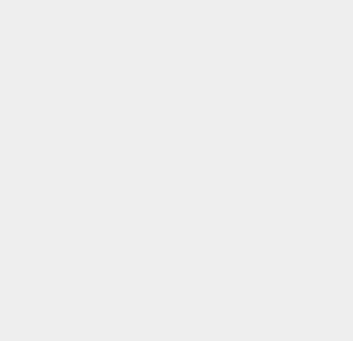  Describe the element at coordinates (271, 99) in the screenshot. I see `'Windows Server 2012'` at that location.